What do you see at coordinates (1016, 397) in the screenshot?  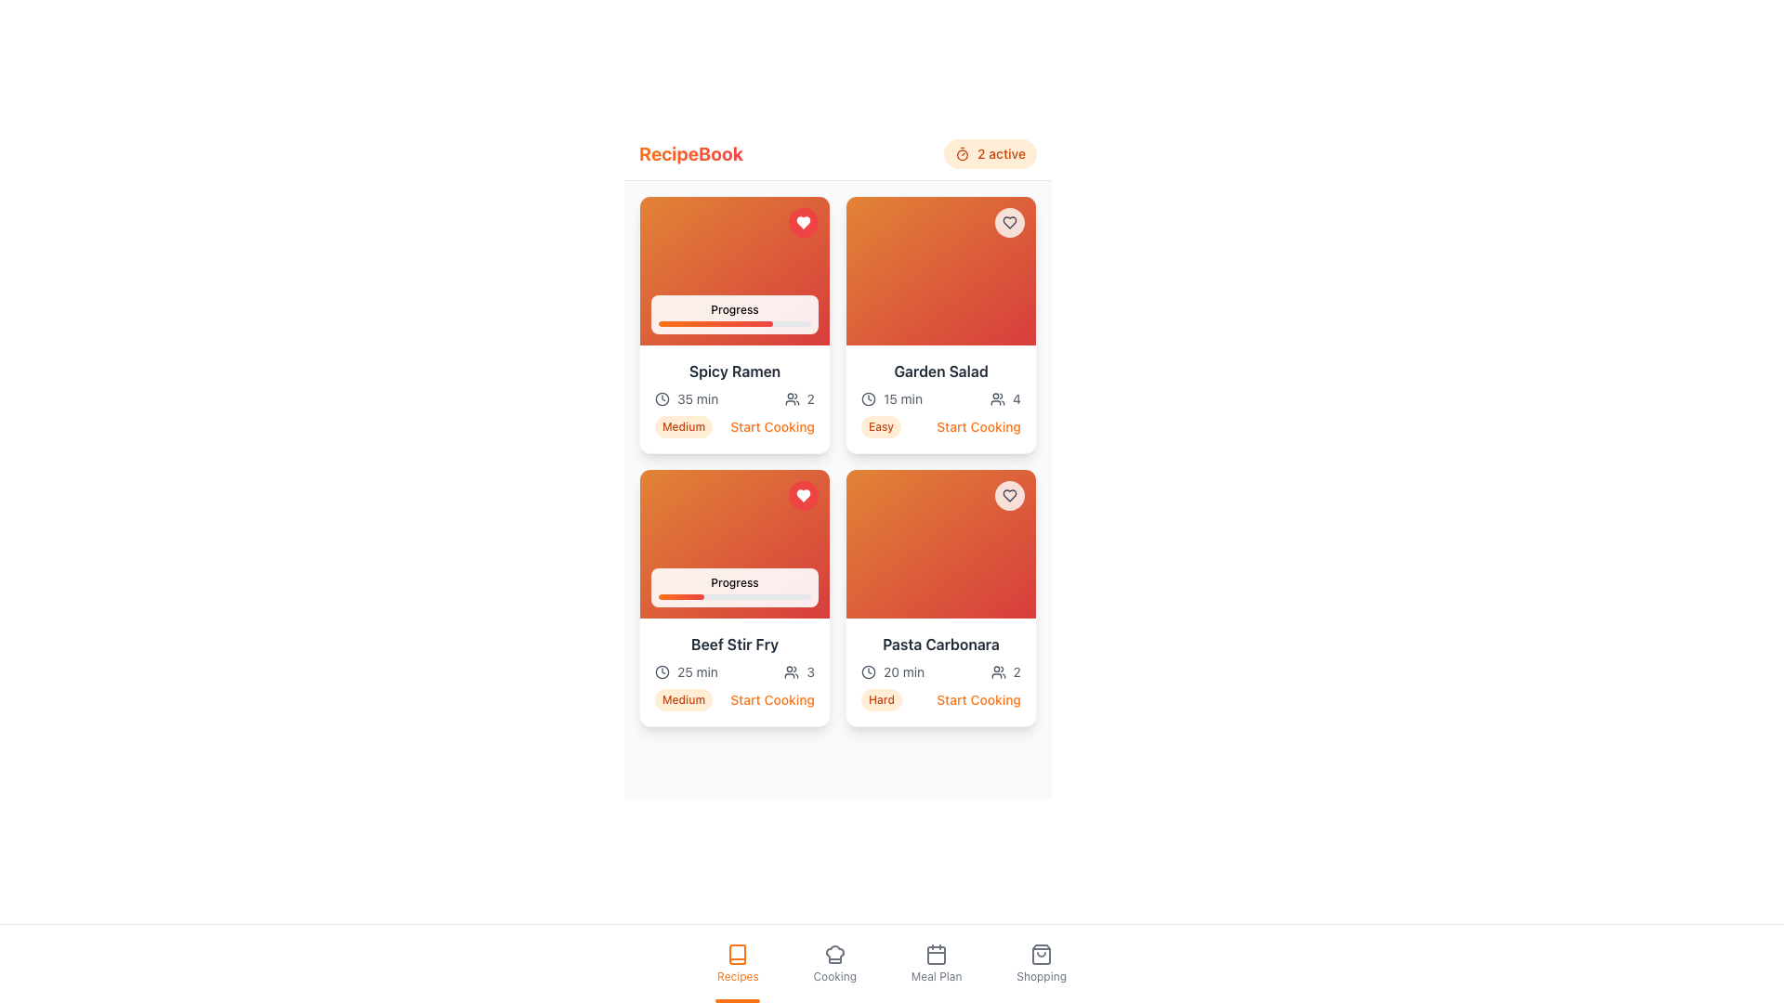 I see `the static text element displaying the numeral '4', which is bold and located adjacent to a user icon in the upper-right section of the content area` at bounding box center [1016, 397].